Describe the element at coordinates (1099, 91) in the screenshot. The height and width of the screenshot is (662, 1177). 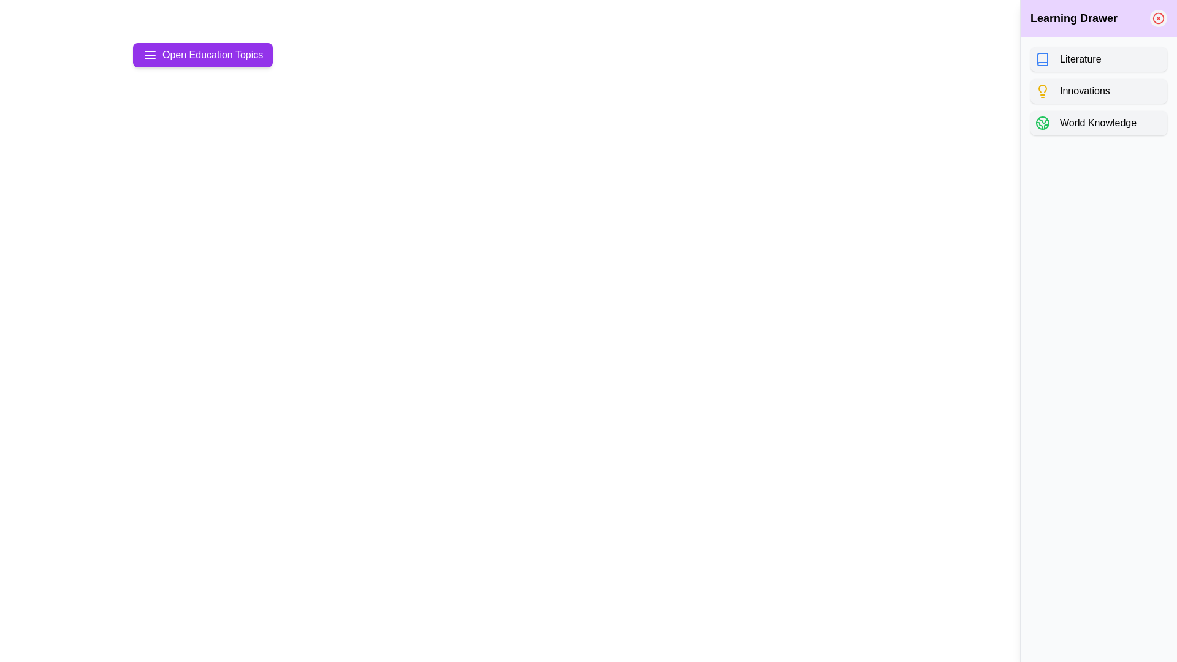
I see `the topic button labeled Innovations` at that location.